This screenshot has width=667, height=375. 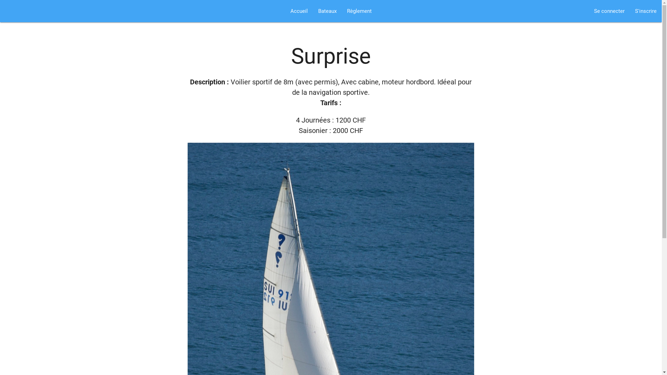 What do you see at coordinates (645, 11) in the screenshot?
I see `'S'inscrire'` at bounding box center [645, 11].